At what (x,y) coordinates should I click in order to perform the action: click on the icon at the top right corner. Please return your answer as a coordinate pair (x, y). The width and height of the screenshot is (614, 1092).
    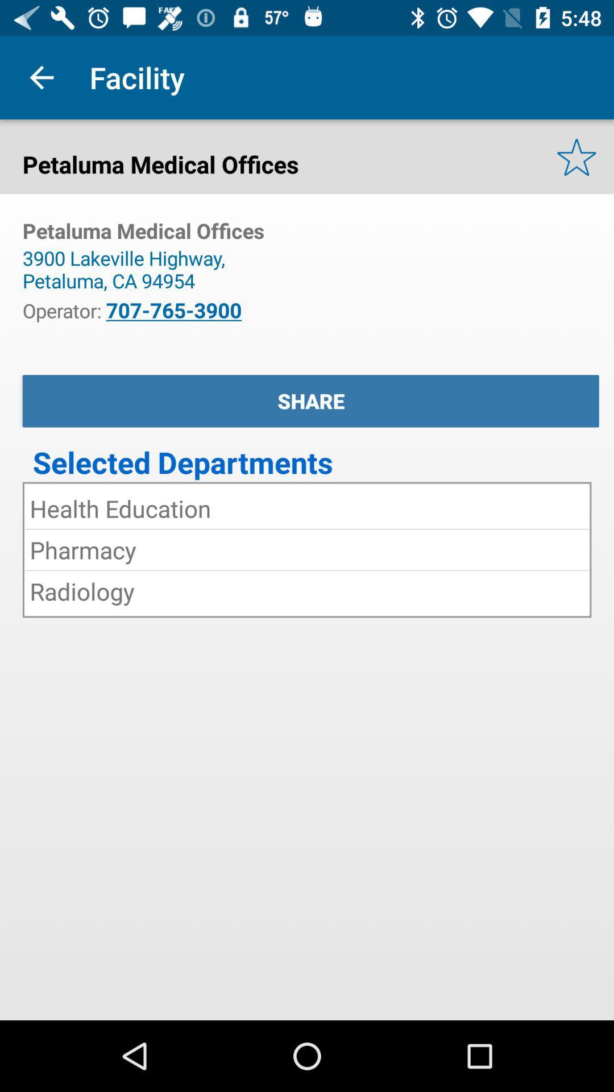
    Looking at the image, I should click on (576, 156).